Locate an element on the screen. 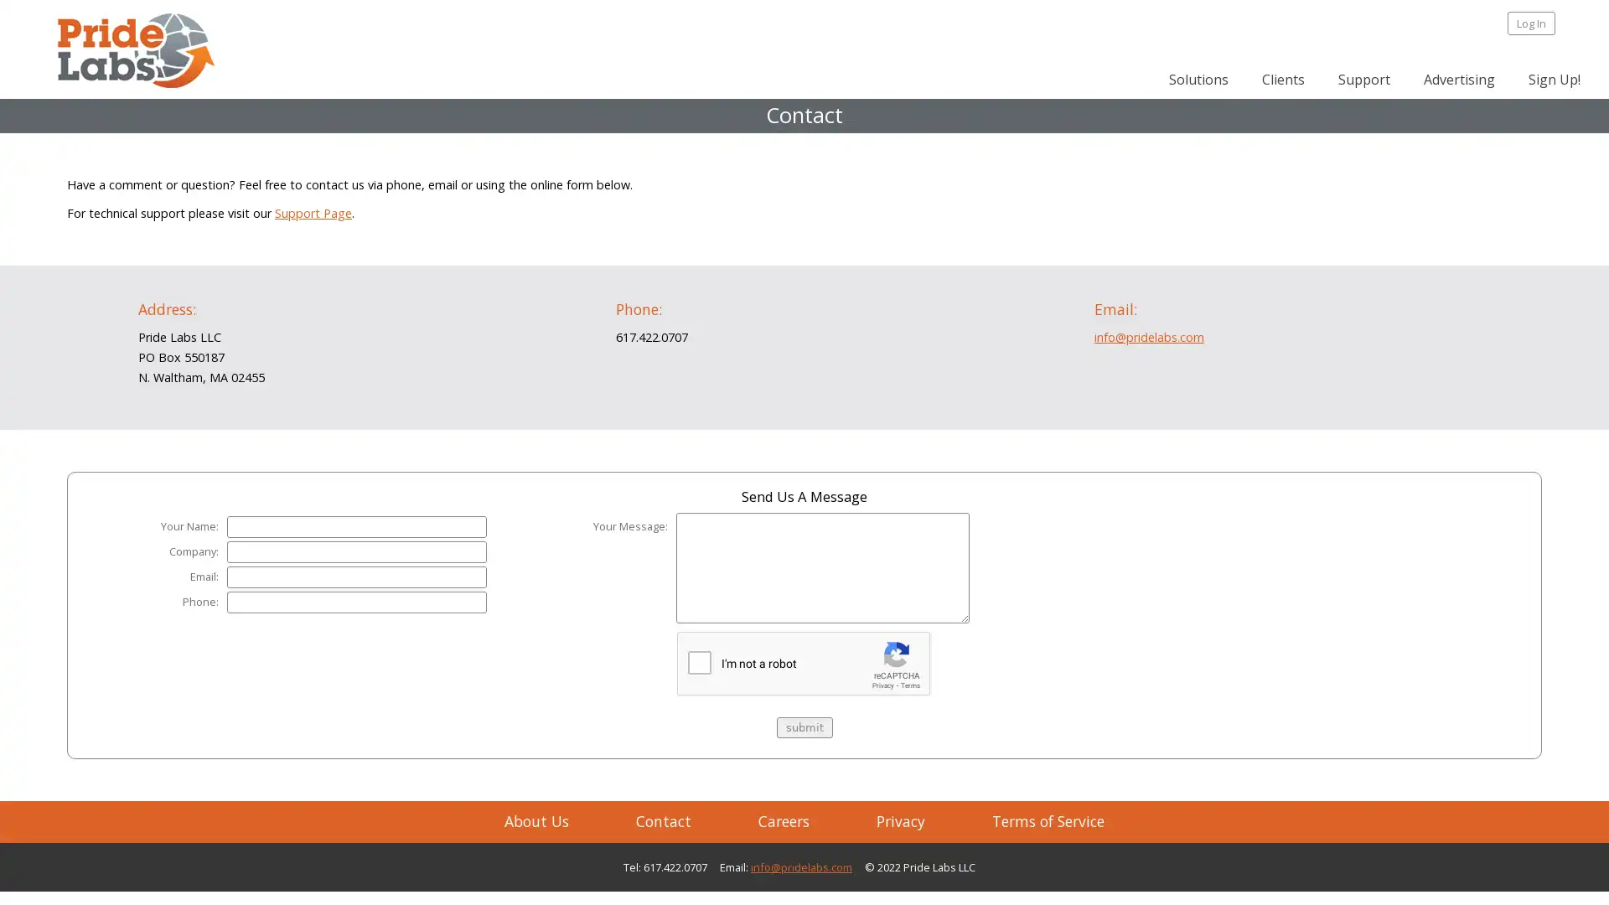  submit is located at coordinates (803, 727).